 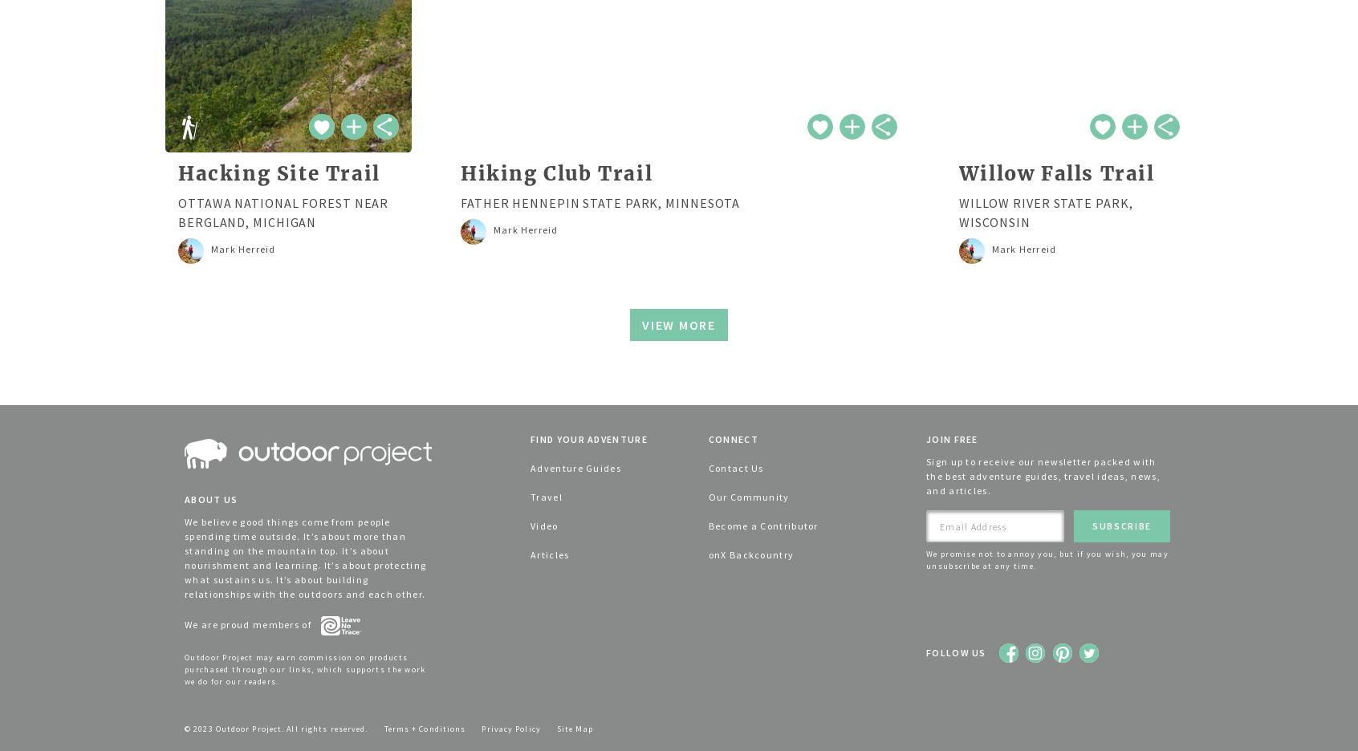 I want to click on 'Outdoor Project may earn commission on products purchased through our links, which supports the work we do for our readers.', so click(x=305, y=668).